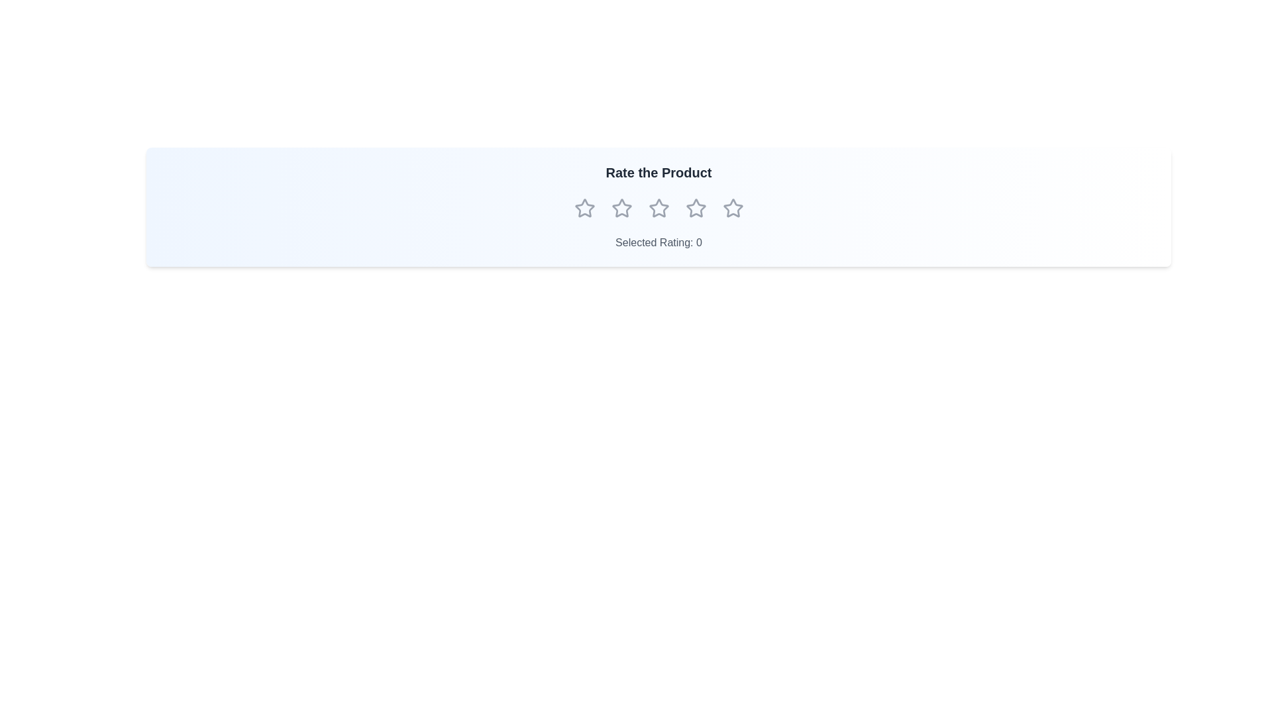 Image resolution: width=1272 pixels, height=715 pixels. I want to click on the second star icon in the 5-star rating system to assign a rating of 2 stars to the product, so click(621, 209).